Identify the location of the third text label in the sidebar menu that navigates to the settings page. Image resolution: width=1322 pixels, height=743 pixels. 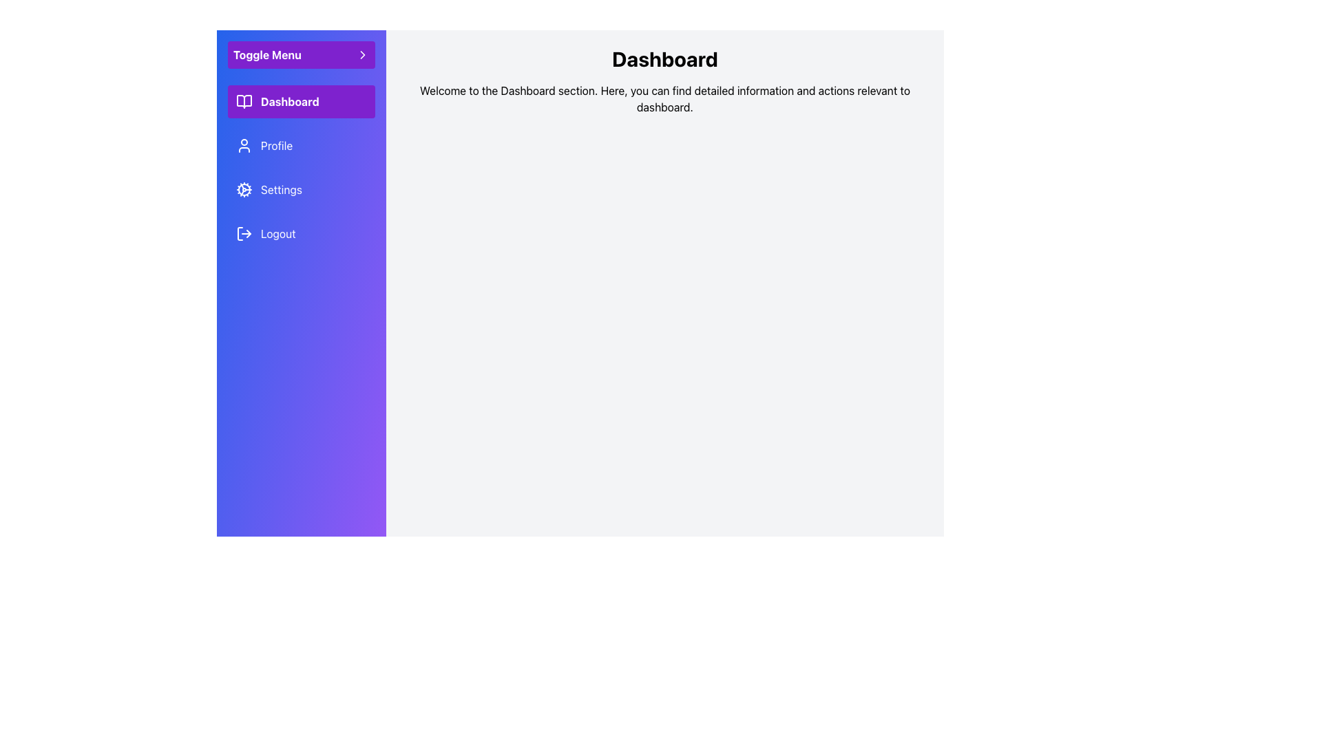
(280, 190).